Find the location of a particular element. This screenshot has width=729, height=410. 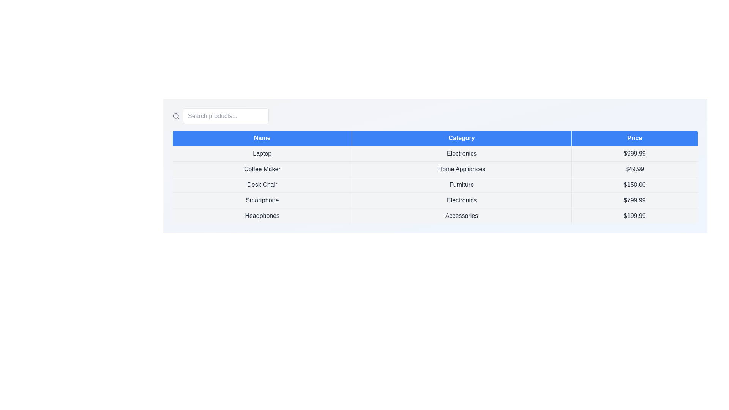

the 'Furniture' text label located in the second column under the 'Category' header for the item 'Desk Chair', which is styled with a light neutral background and dark text is located at coordinates (461, 184).